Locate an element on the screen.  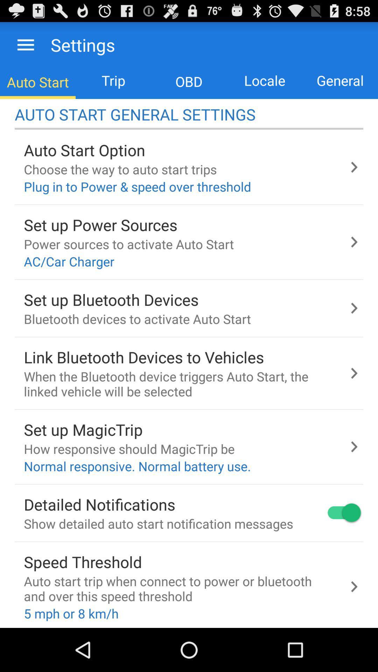
general is located at coordinates (340, 80).